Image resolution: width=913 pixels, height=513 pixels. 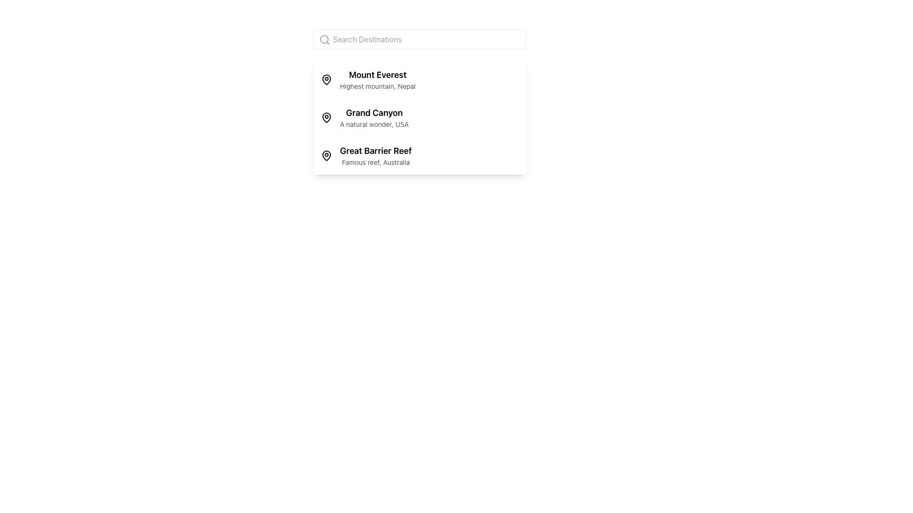 What do you see at coordinates (377, 79) in the screenshot?
I see `the text display item that reads 'Mount Everest'` at bounding box center [377, 79].